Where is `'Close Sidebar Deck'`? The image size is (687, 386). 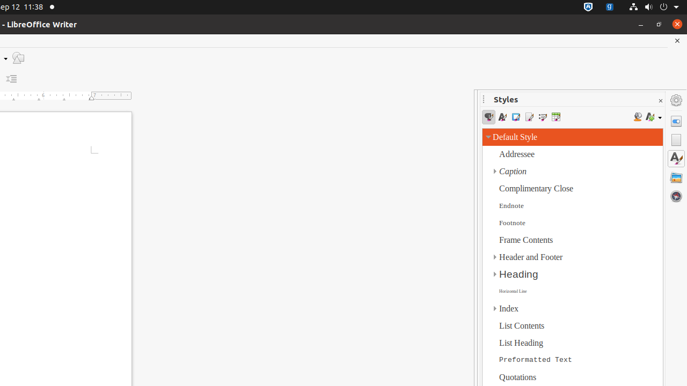 'Close Sidebar Deck' is located at coordinates (660, 101).